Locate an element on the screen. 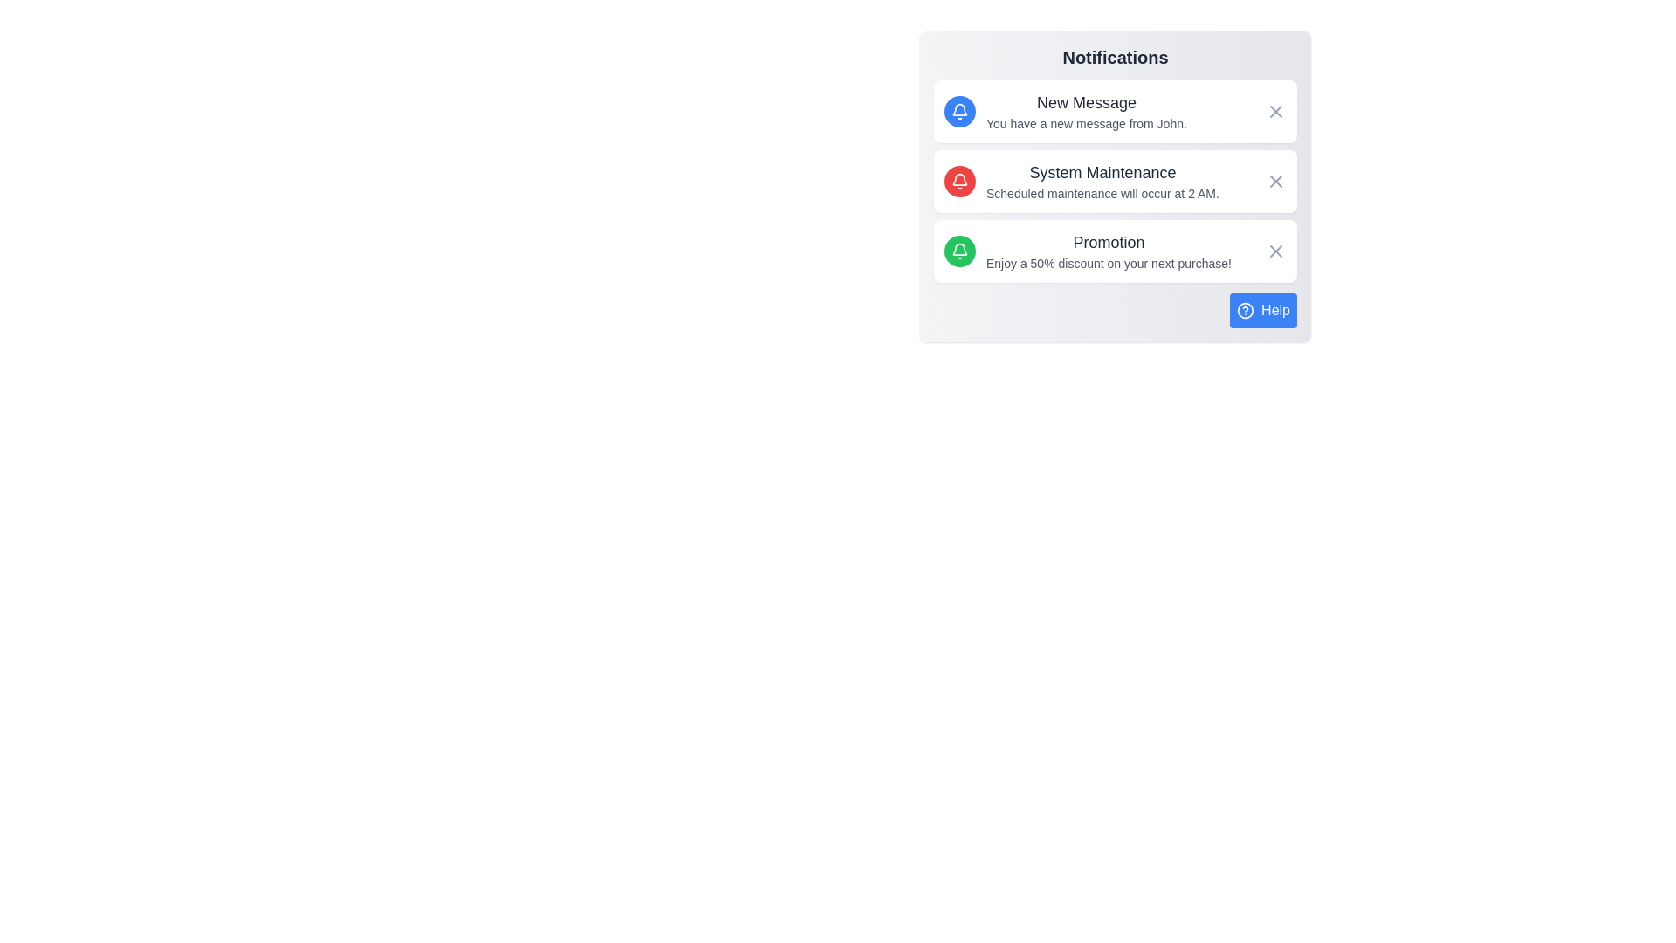 This screenshot has width=1676, height=943. the notification message element displaying 'New Message' from 'John' in the Notifications panel is located at coordinates (1085, 111).